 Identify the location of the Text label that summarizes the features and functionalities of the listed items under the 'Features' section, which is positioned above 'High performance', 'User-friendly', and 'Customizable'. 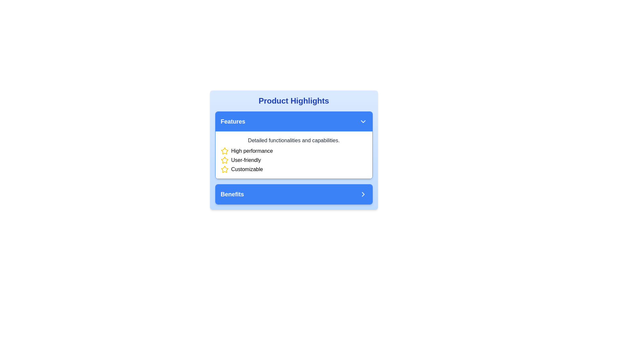
(293, 140).